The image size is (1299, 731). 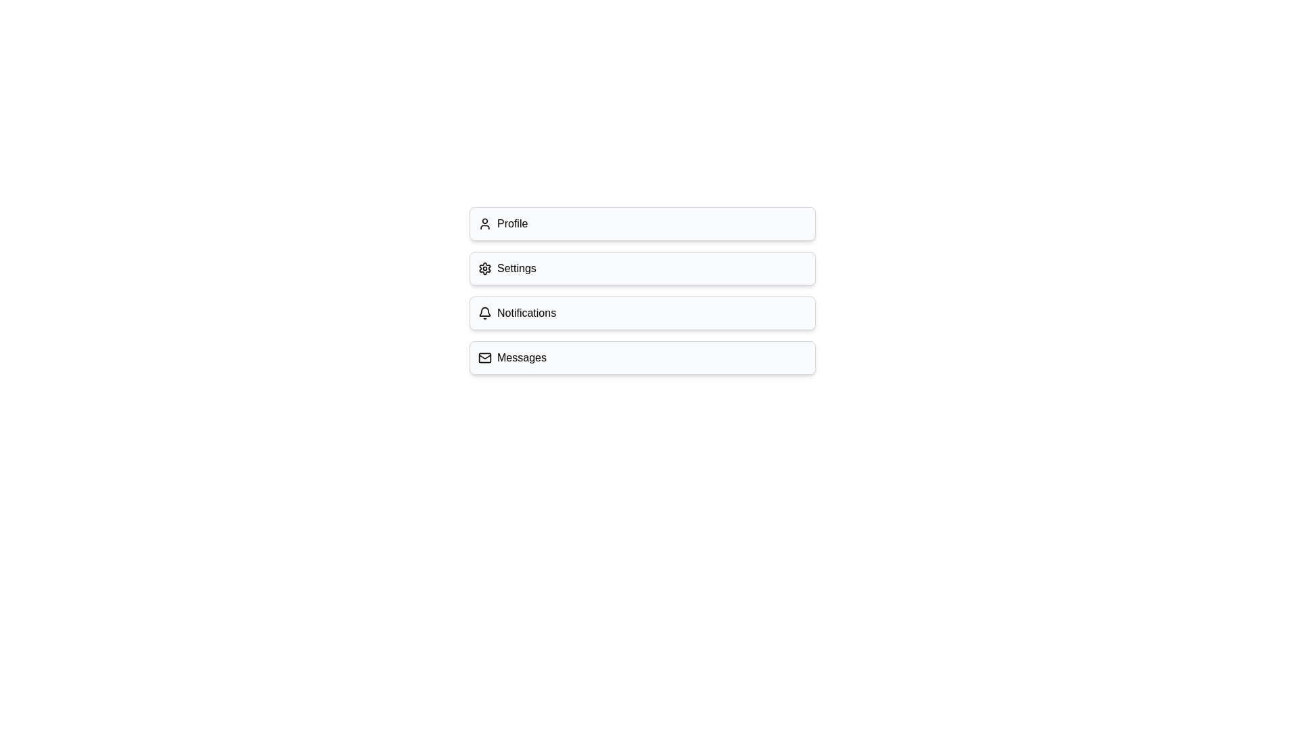 I want to click on the Profile option to observe its visual feedback, so click(x=642, y=223).